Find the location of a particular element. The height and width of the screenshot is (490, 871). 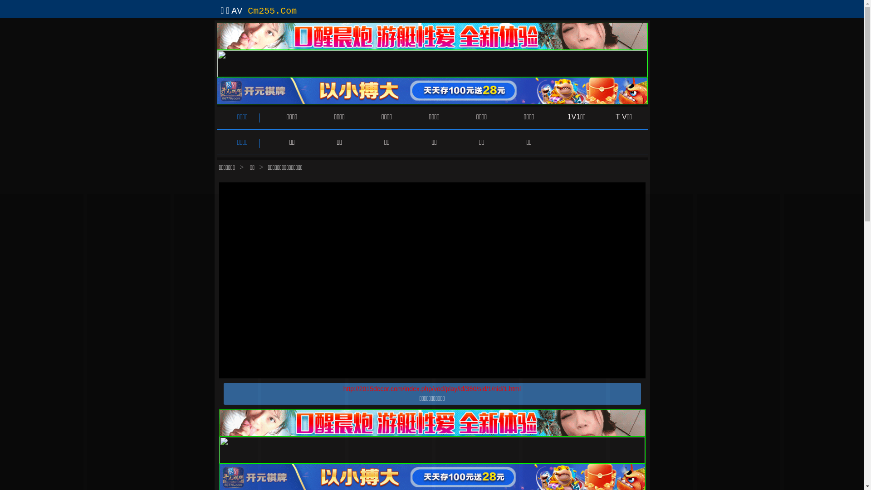

'Cm255.Com' is located at coordinates (272, 11).